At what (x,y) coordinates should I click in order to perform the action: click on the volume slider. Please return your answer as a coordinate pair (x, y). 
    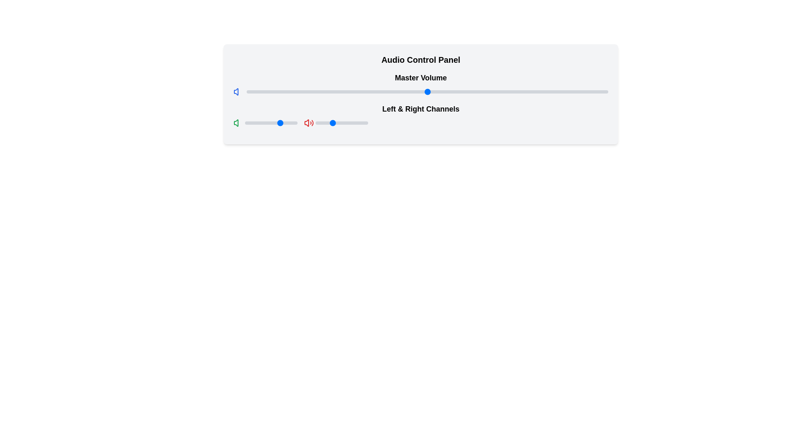
    Looking at the image, I should click on (279, 90).